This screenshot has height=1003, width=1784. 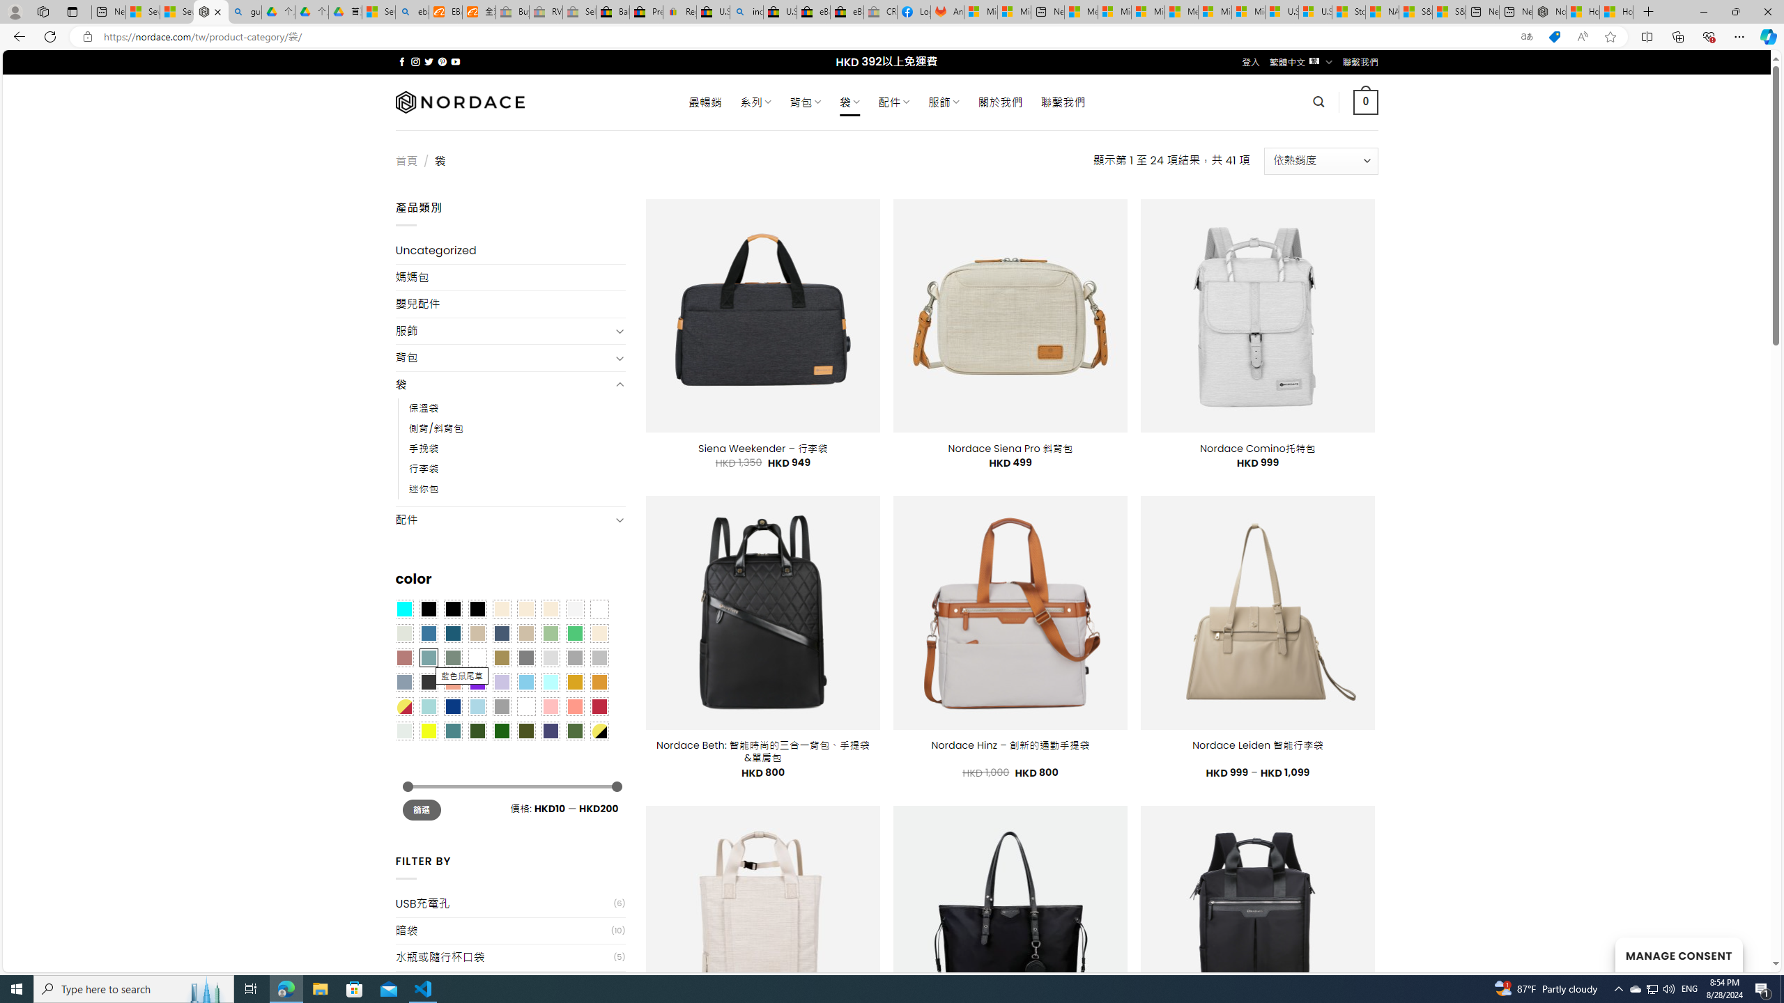 What do you see at coordinates (551, 609) in the screenshot?
I see `'Cream'` at bounding box center [551, 609].